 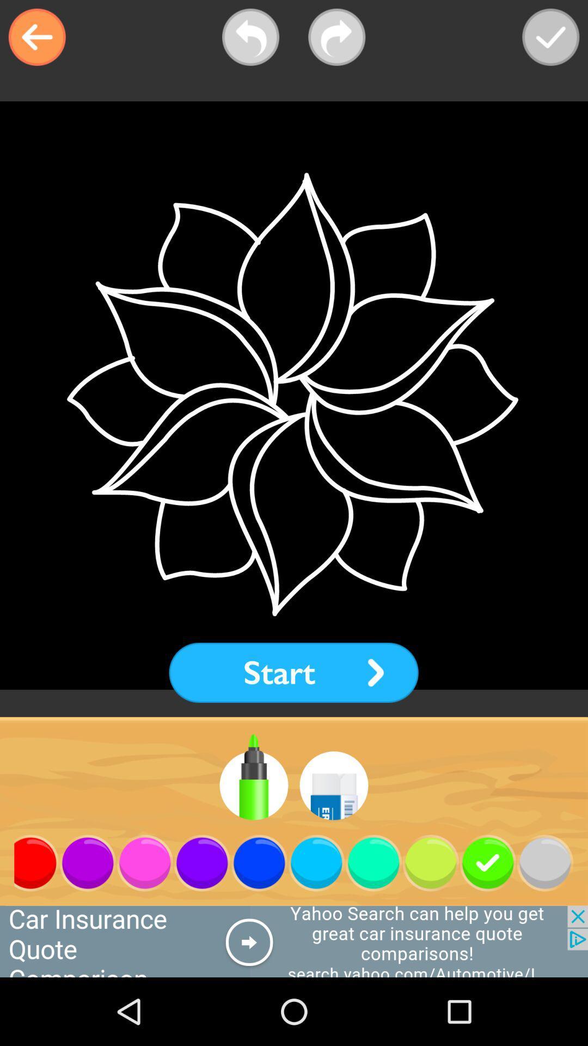 I want to click on the redo icon, so click(x=336, y=37).